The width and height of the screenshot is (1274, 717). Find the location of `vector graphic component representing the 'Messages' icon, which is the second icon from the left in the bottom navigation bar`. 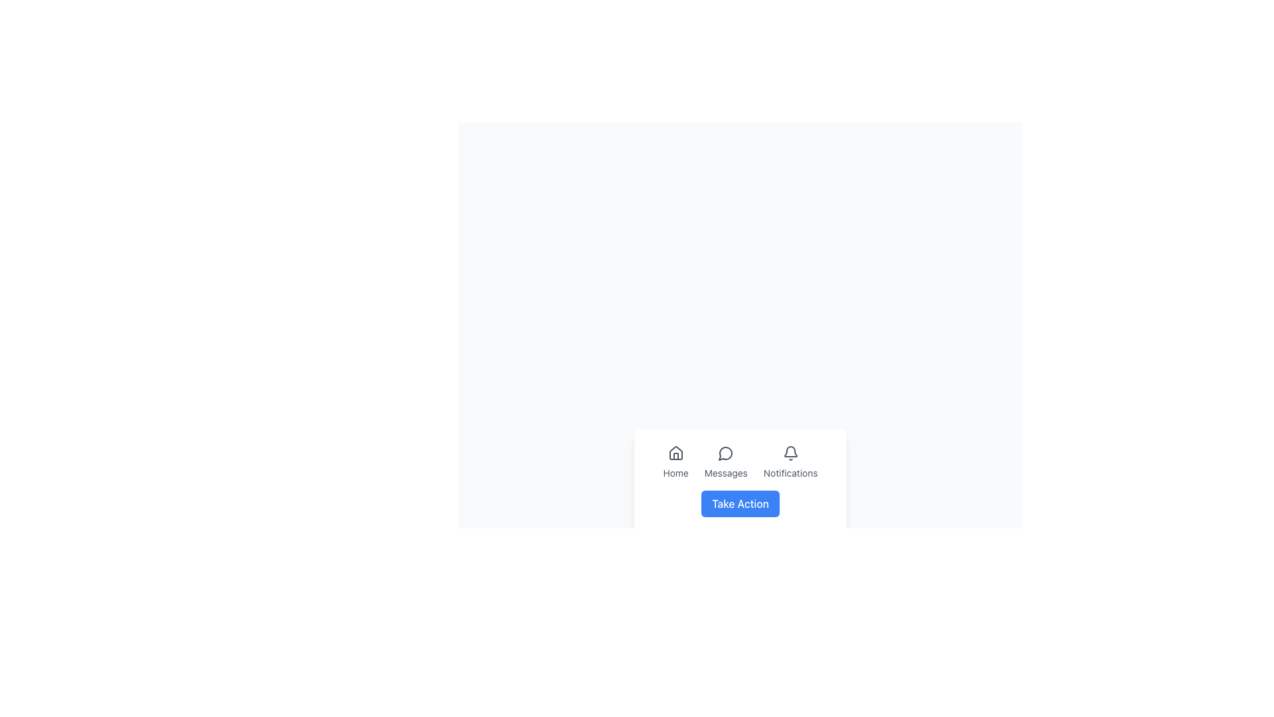

vector graphic component representing the 'Messages' icon, which is the second icon from the left in the bottom navigation bar is located at coordinates (725, 453).